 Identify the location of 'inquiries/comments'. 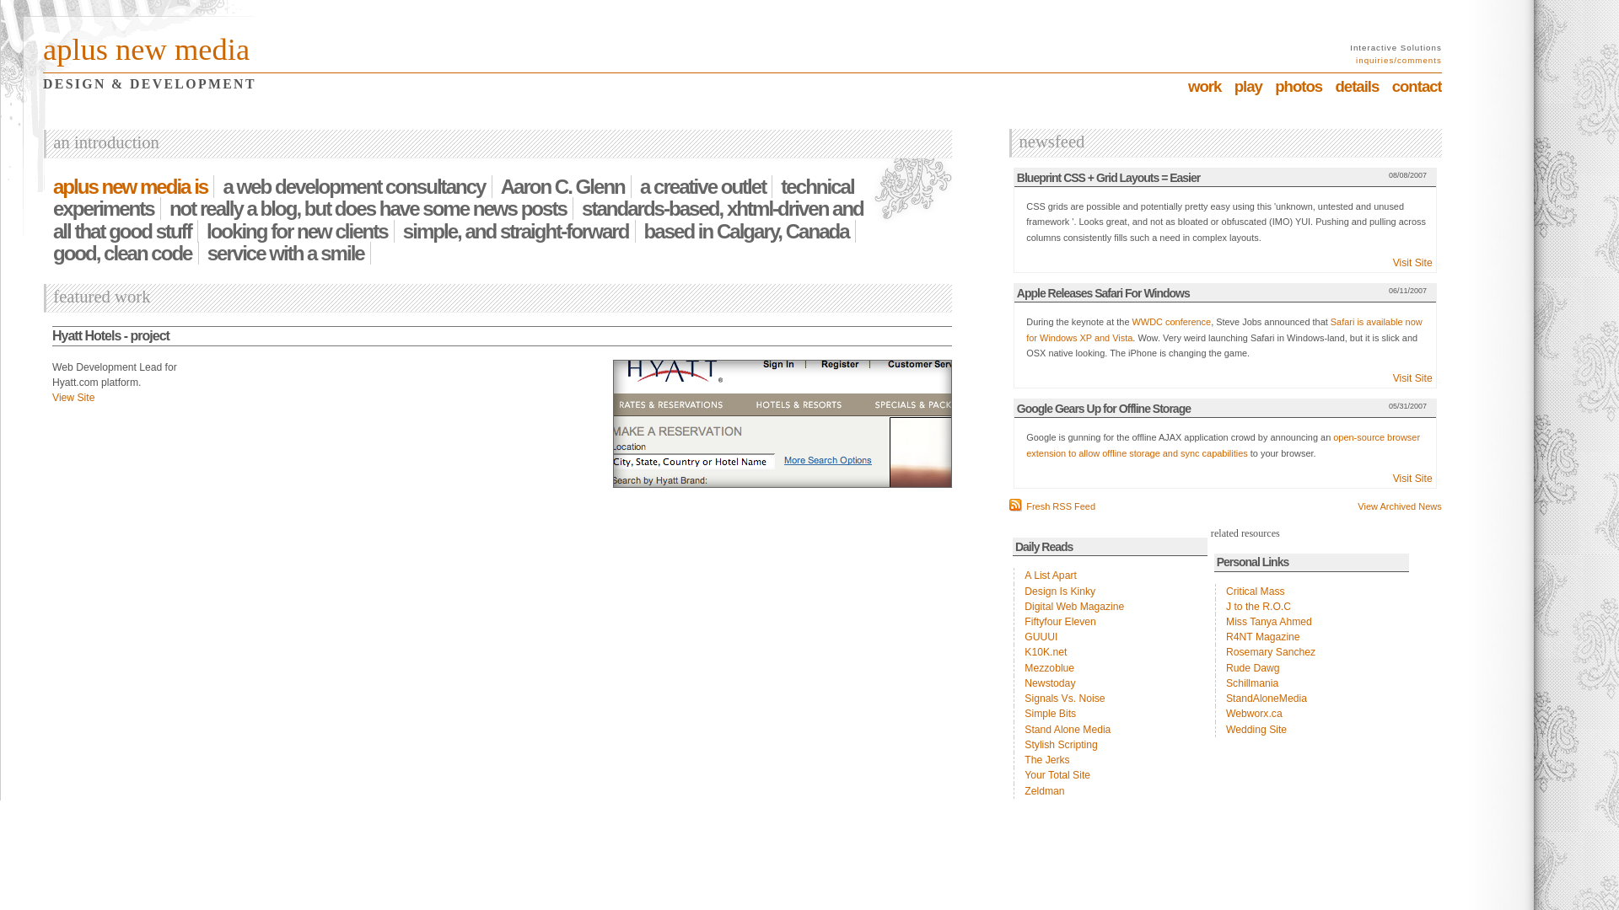
(1399, 59).